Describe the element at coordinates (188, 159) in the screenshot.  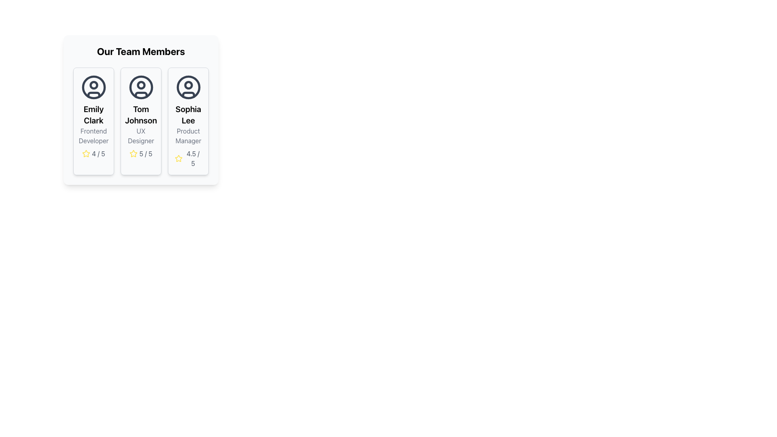
I see `the Rating Display element located at the bottom section of the 'Sophia Lee' profile card, which is the third card in a sequence of three horizontally aligned team member cards under 'Our Team Members'` at that location.